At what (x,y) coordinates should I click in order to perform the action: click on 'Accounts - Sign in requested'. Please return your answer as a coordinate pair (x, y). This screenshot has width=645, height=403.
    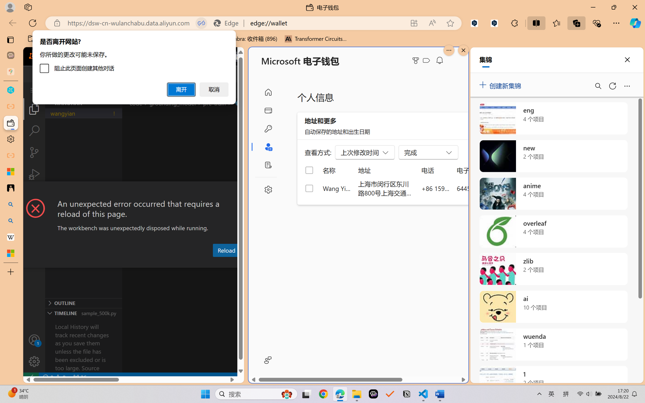
    Looking at the image, I should click on (34, 340).